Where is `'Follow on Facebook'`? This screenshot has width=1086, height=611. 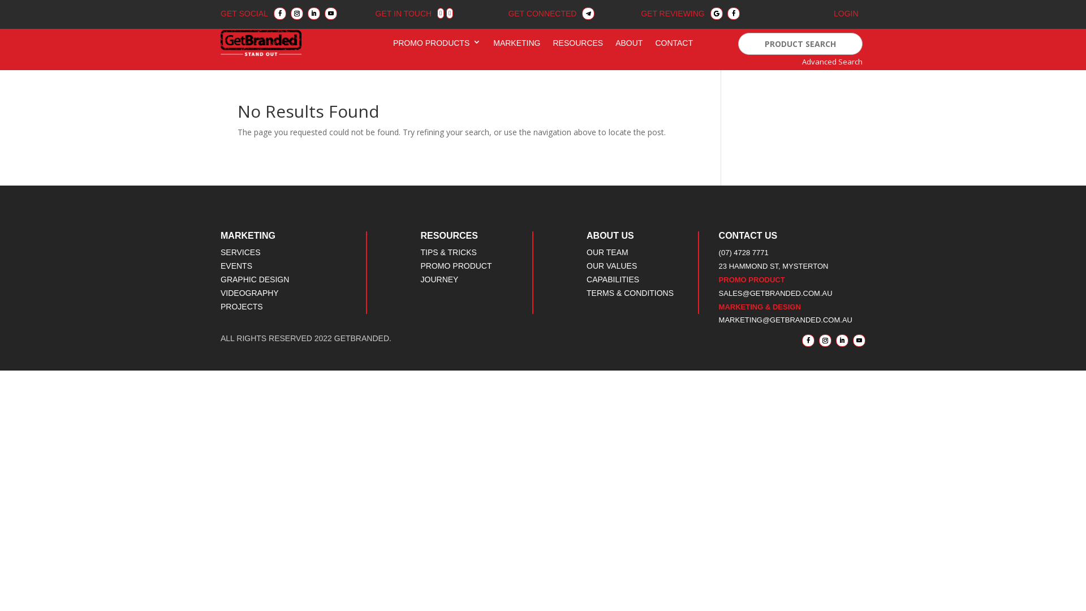 'Follow on Facebook' is located at coordinates (279, 13).